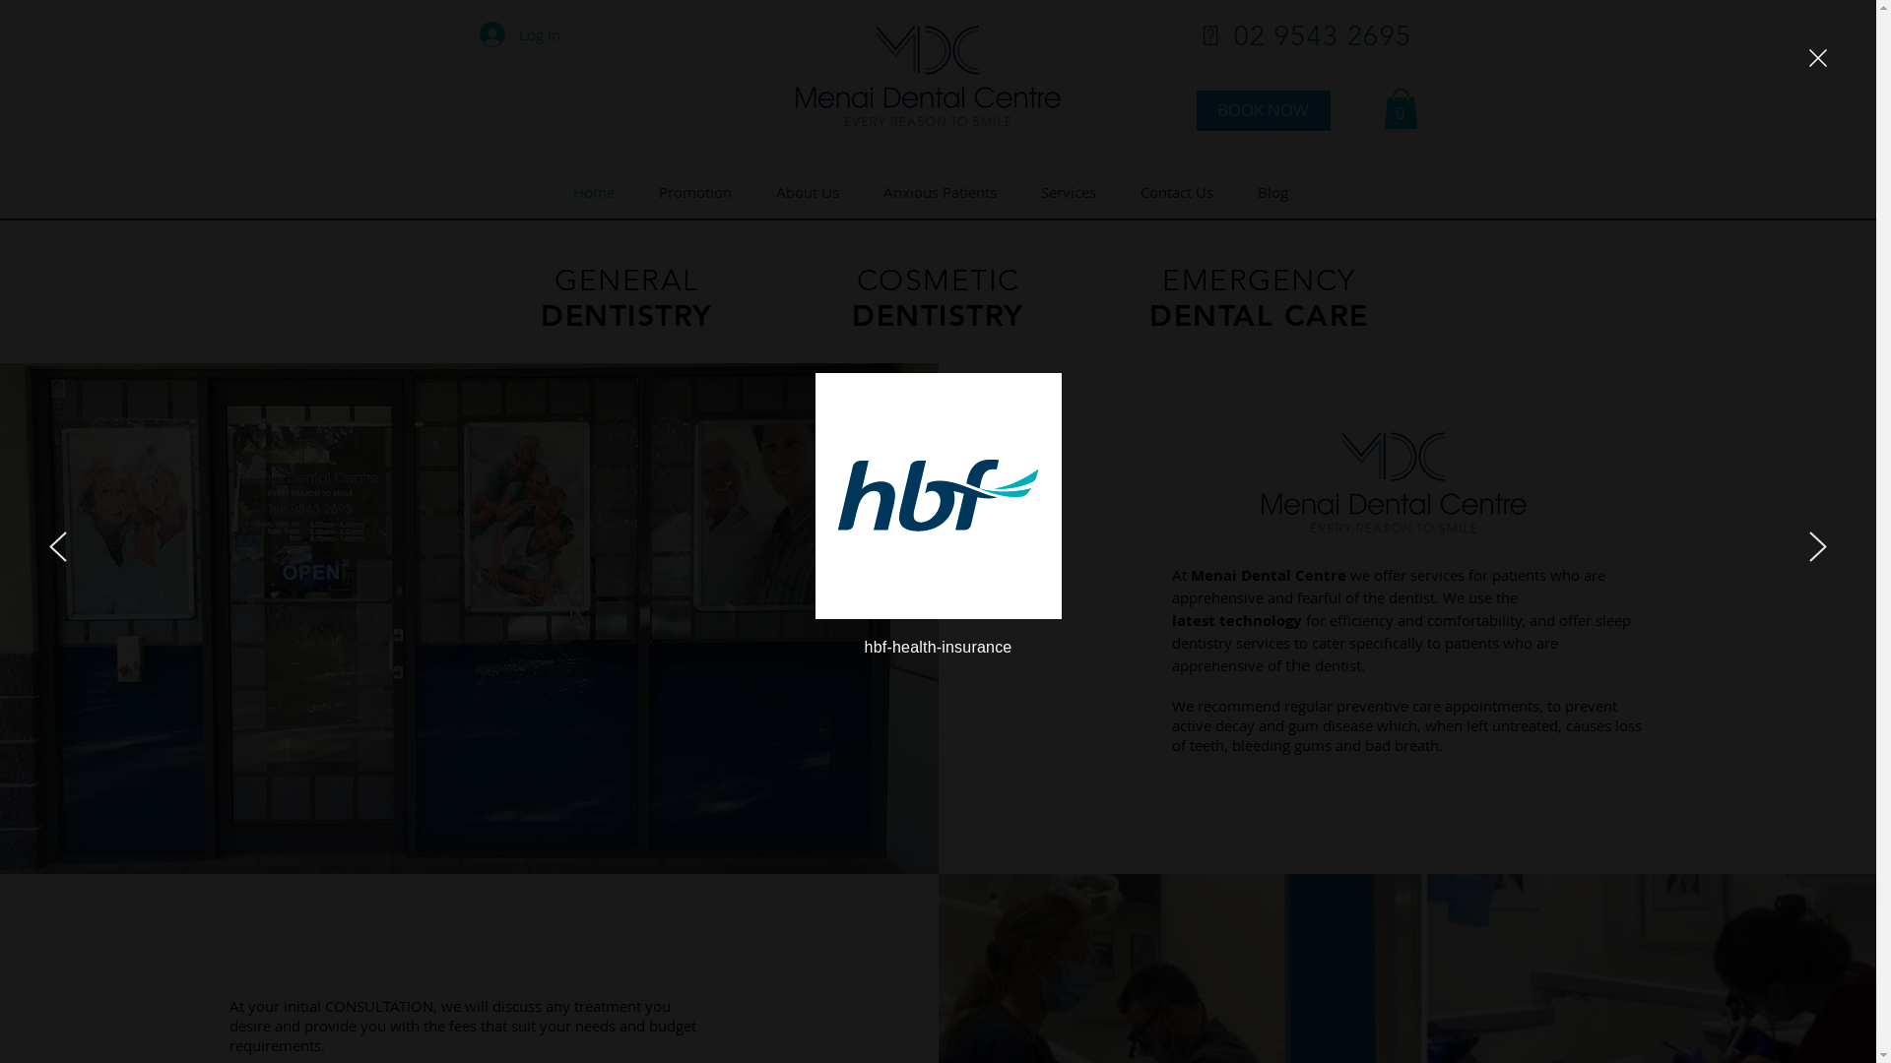 The height and width of the screenshot is (1063, 1891). I want to click on 'Promotion', so click(702, 191).